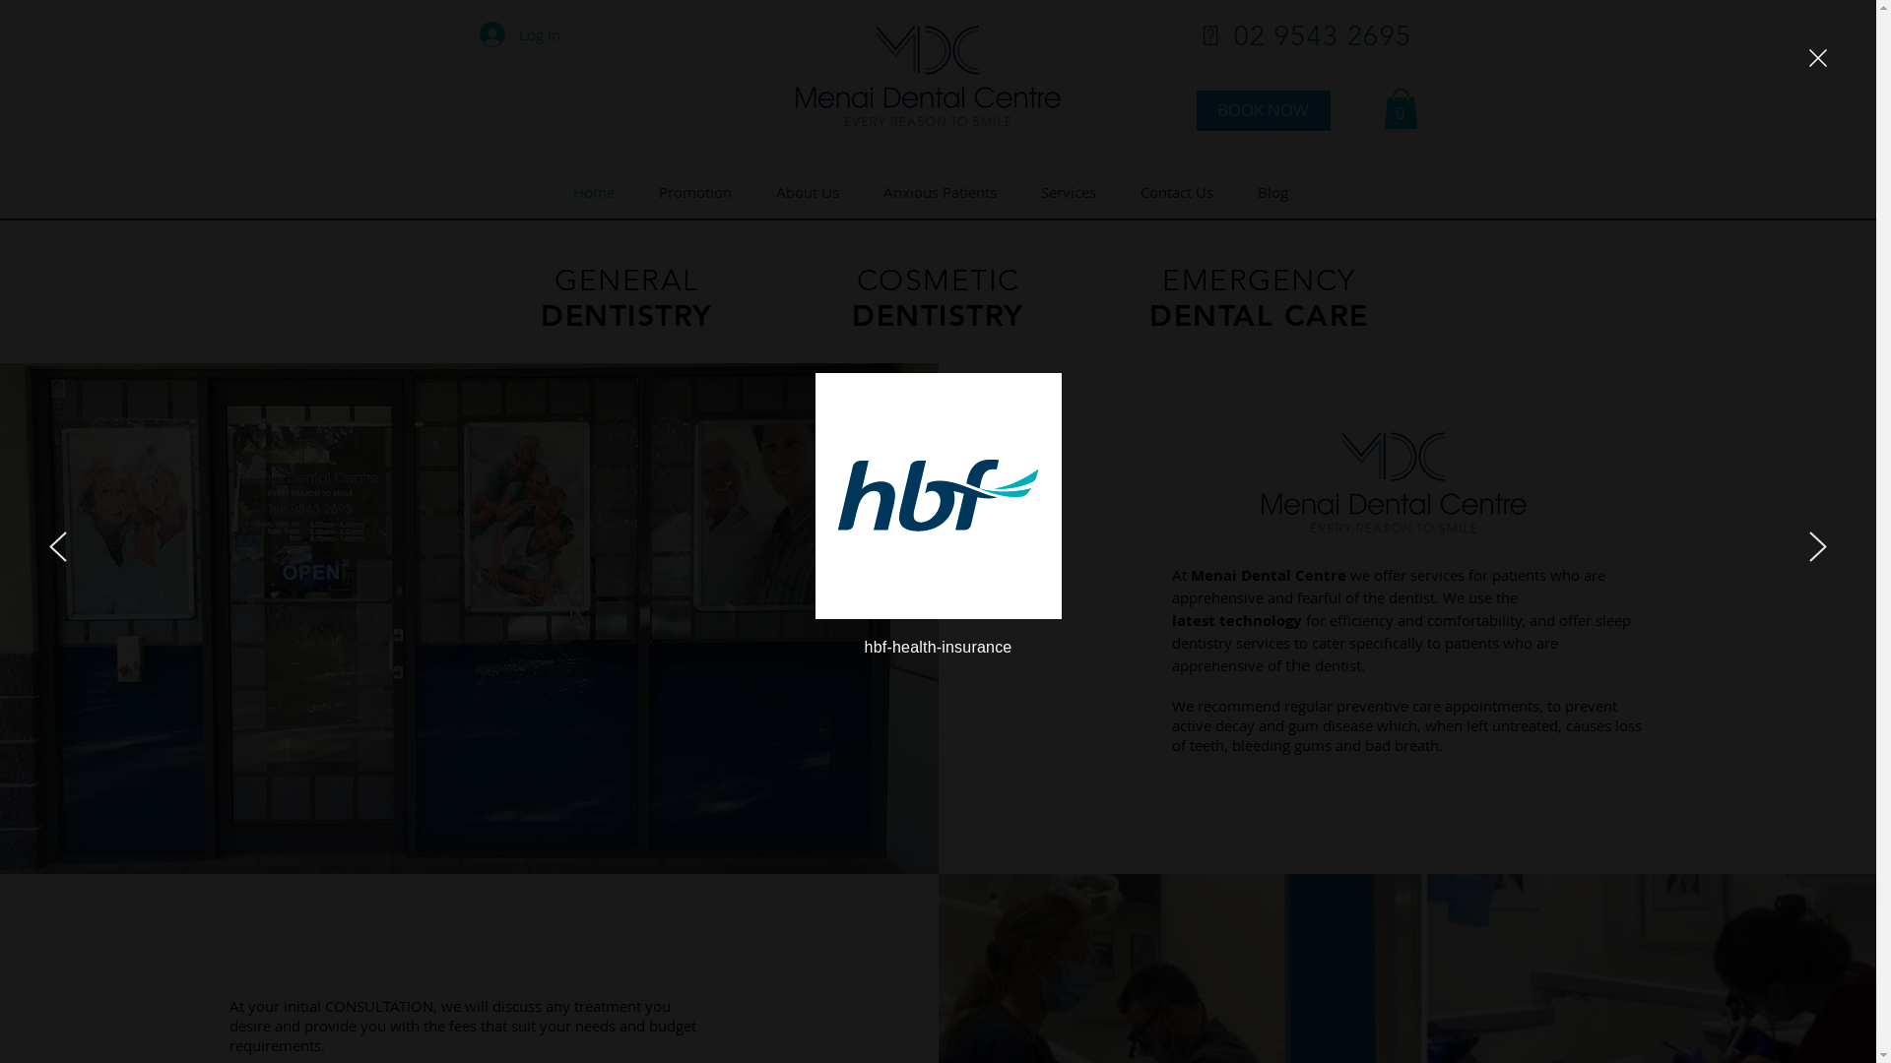 The height and width of the screenshot is (1063, 1891). I want to click on 'Promotion', so click(702, 191).